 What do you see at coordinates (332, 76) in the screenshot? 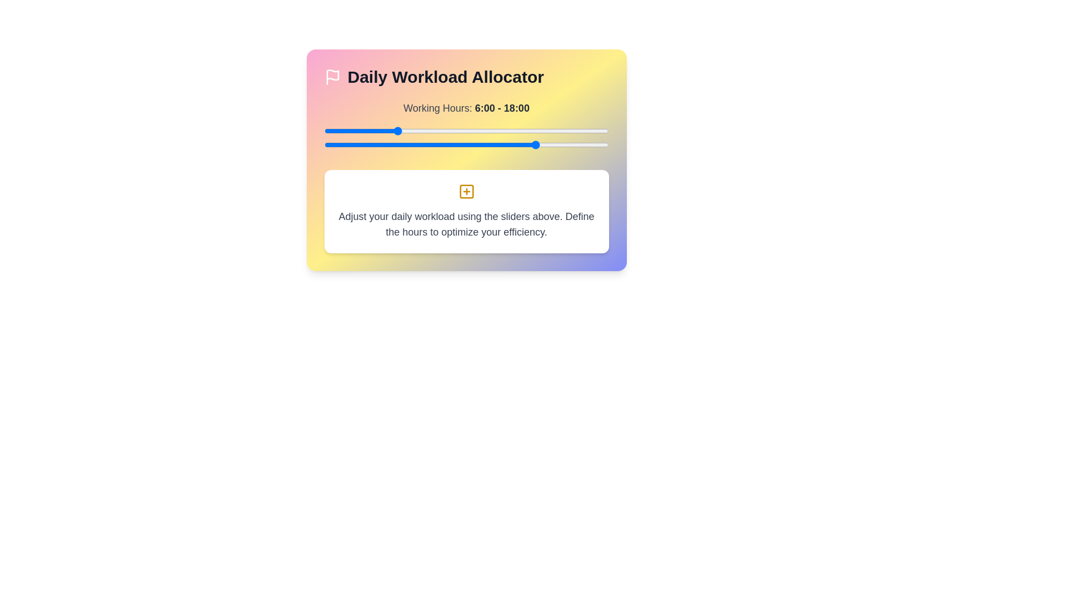
I see `the informational icon in the header of the workload manager` at bounding box center [332, 76].